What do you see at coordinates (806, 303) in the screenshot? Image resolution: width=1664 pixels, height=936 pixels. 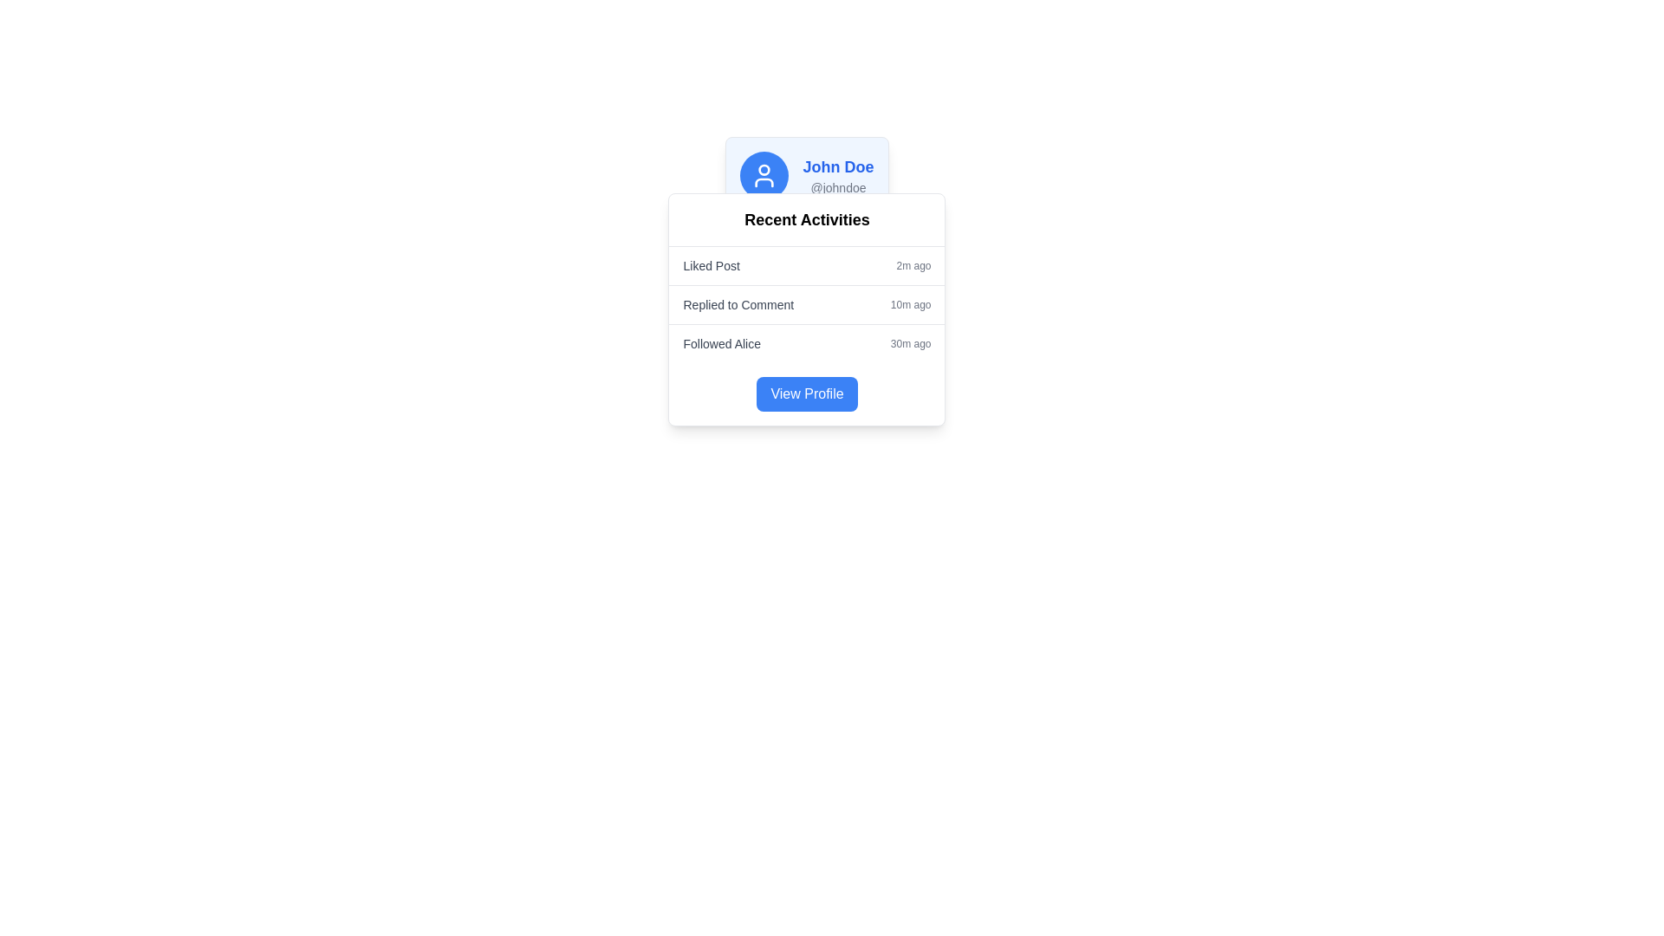 I see `the second log entry` at bounding box center [806, 303].